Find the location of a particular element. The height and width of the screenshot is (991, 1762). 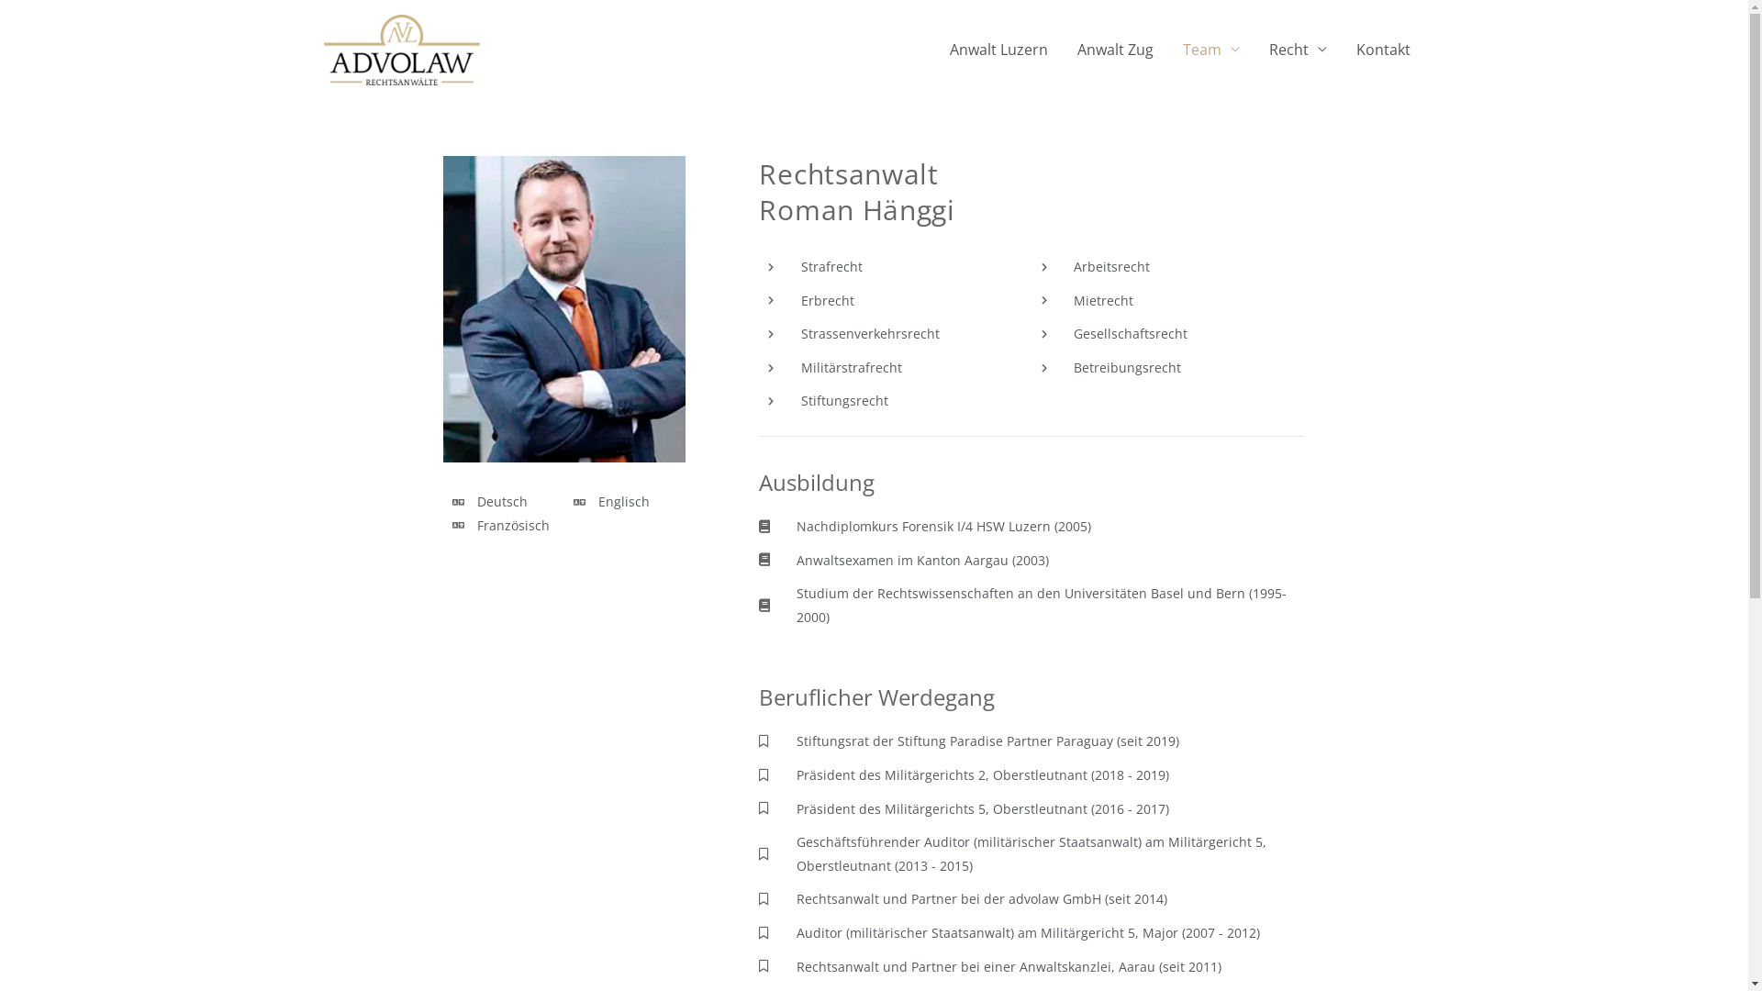

'Anwalt Zug' is located at coordinates (1114, 49).